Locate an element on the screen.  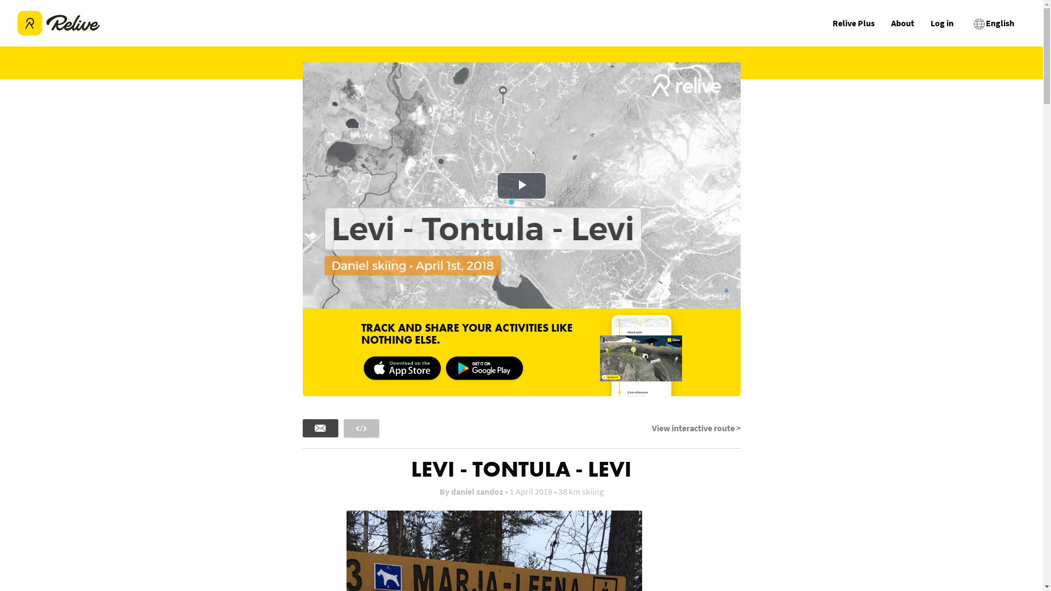
'View interactive route >' is located at coordinates (695, 427).